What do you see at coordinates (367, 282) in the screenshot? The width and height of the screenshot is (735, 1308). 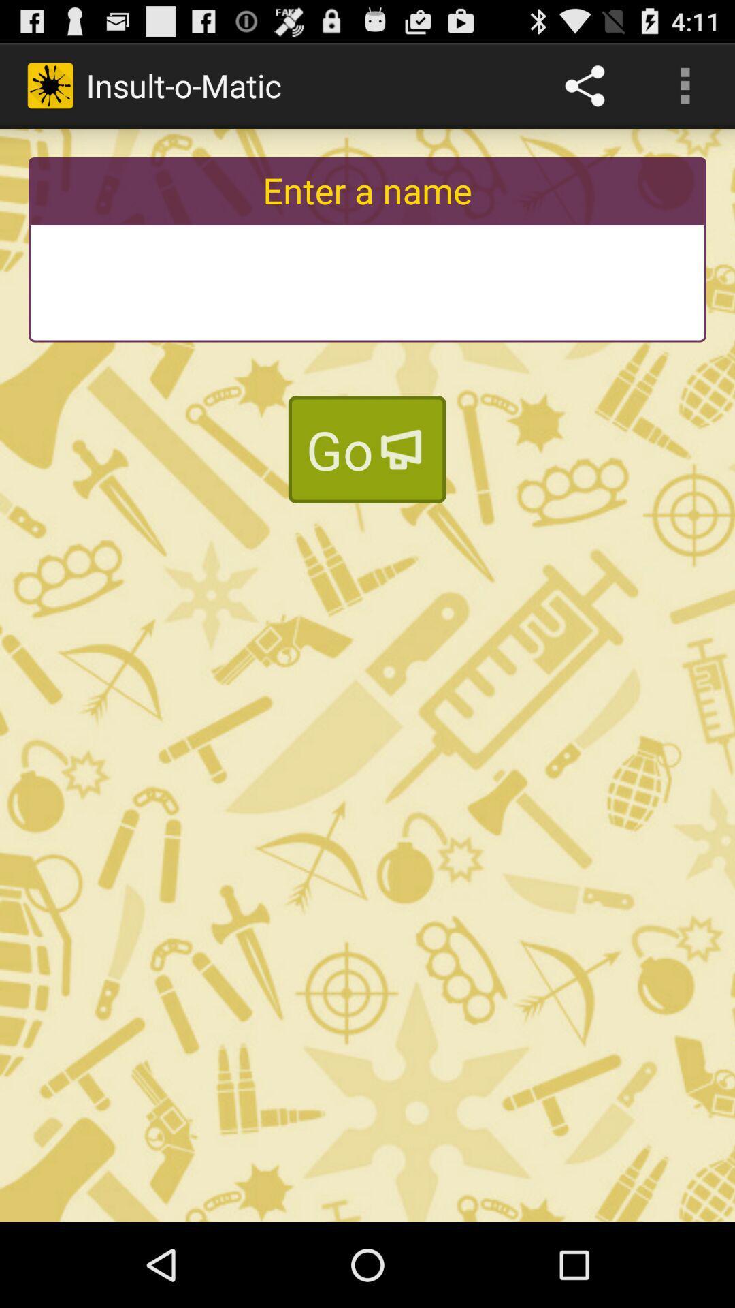 I see `diskgrasland` at bounding box center [367, 282].